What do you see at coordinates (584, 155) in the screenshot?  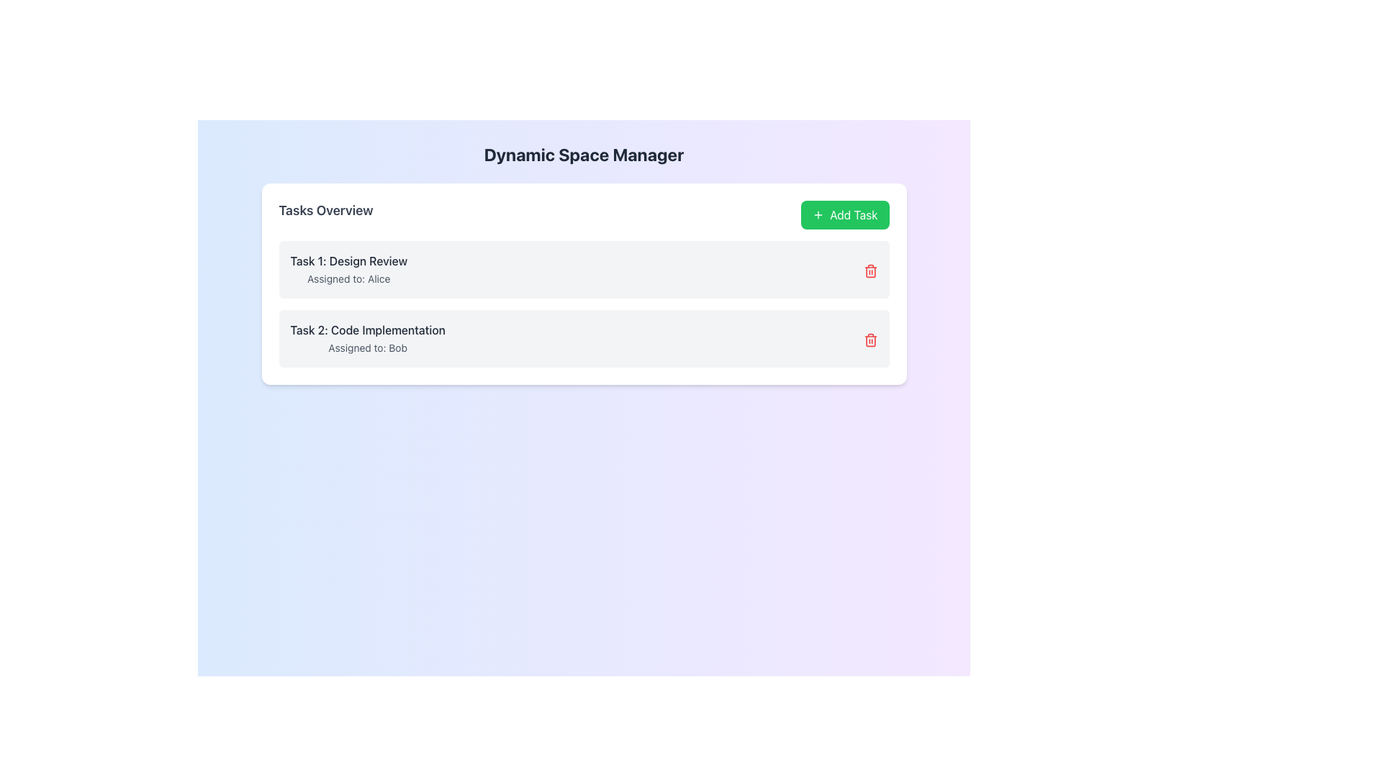 I see `title text element indicating the purpose or name of the application, located at the upper section of the interface` at bounding box center [584, 155].